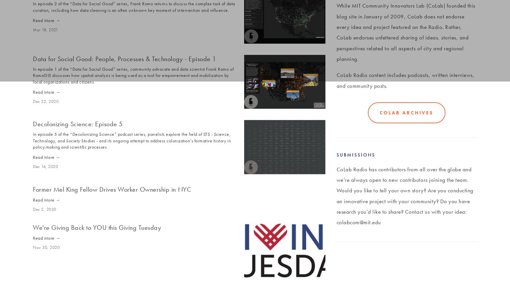 The height and width of the screenshot is (288, 510). What do you see at coordinates (44, 209) in the screenshot?
I see `'Dec 2, 2020'` at bounding box center [44, 209].